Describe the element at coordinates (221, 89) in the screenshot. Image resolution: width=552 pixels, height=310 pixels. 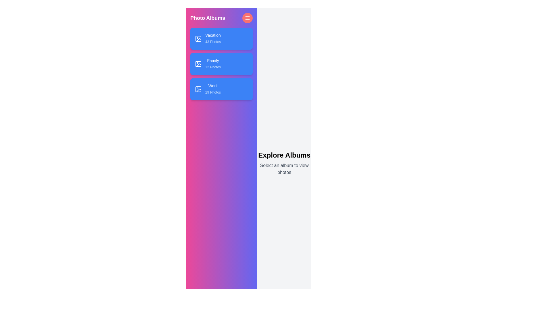
I see `the album named Work` at that location.